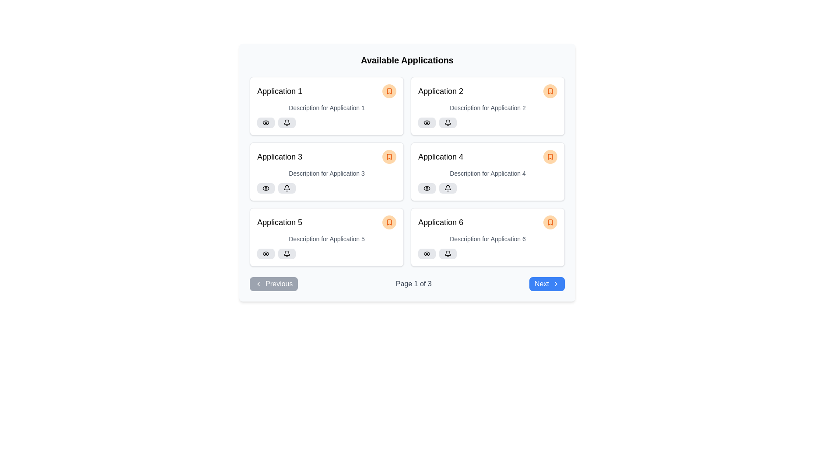  What do you see at coordinates (549, 156) in the screenshot?
I see `the small red bookmark icon located in the top-right corner of the Application 4 detail card` at bounding box center [549, 156].